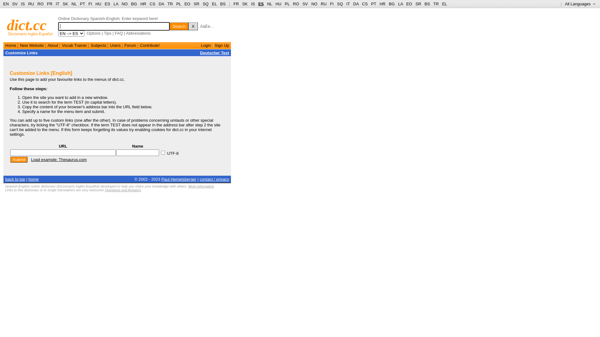 The height and width of the screenshot is (337, 600). What do you see at coordinates (236, 4) in the screenshot?
I see `'FR'` at bounding box center [236, 4].